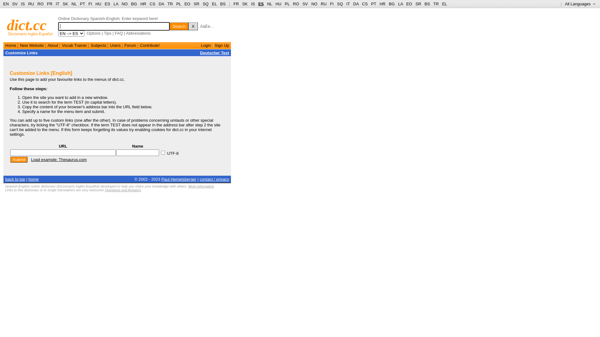 The height and width of the screenshot is (337, 600). What do you see at coordinates (236, 4) in the screenshot?
I see `'FR'` at bounding box center [236, 4].